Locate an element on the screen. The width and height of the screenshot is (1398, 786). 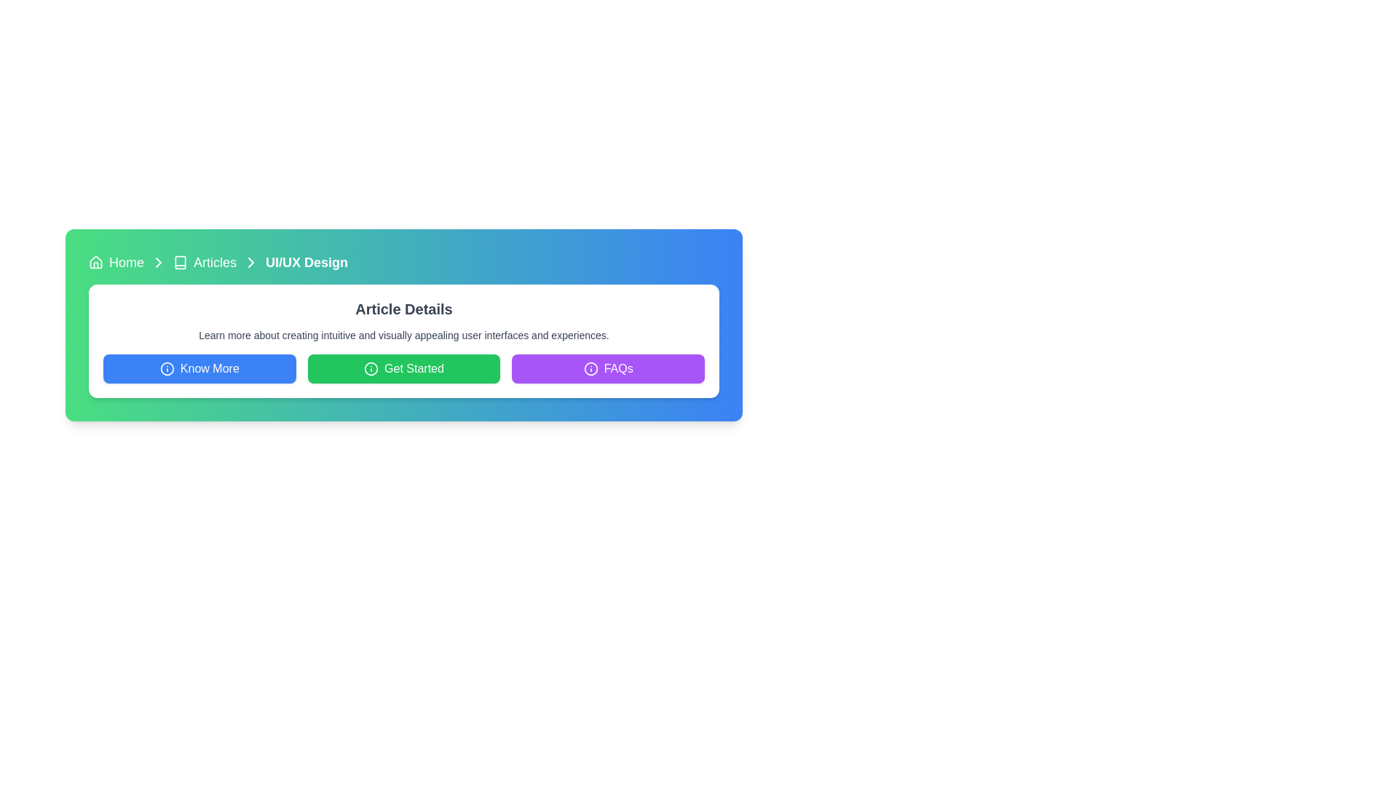
the second button in the horizontal row beneath the 'Article Details' heading is located at coordinates (404, 368).